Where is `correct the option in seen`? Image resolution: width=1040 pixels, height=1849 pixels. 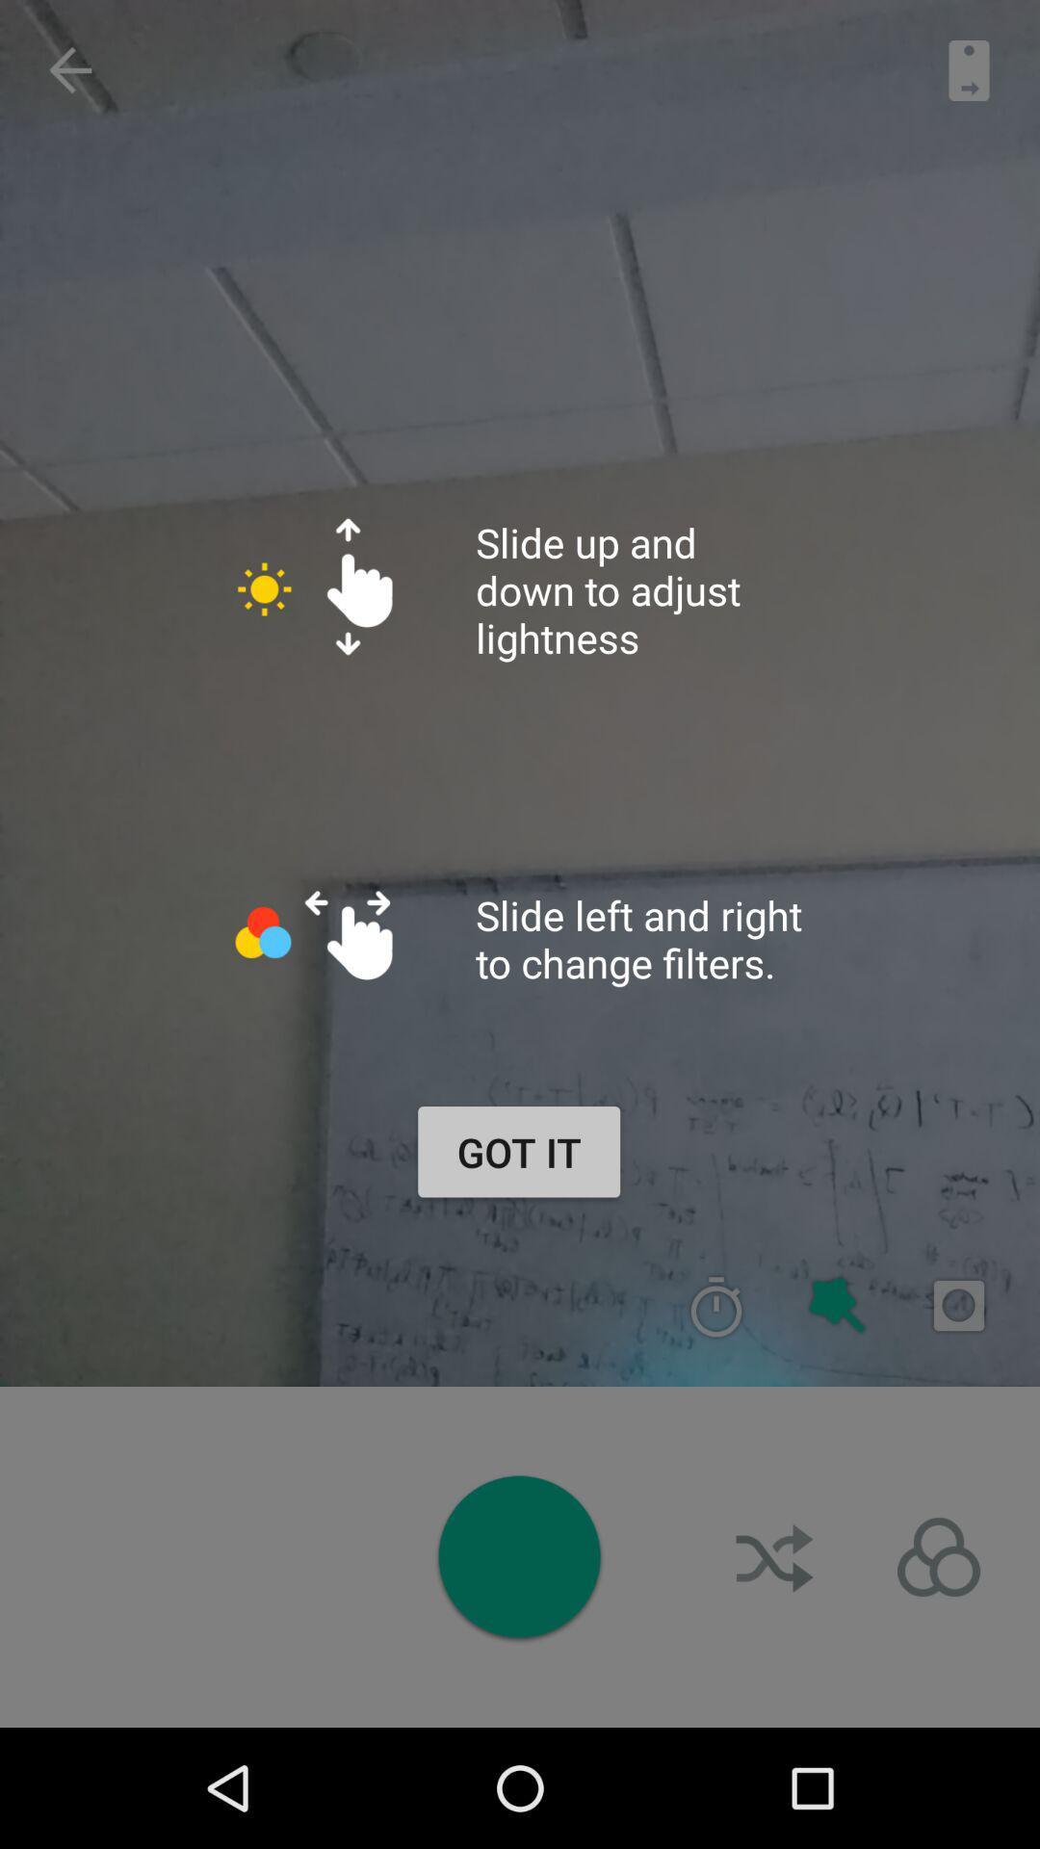 correct the option in seen is located at coordinates (716, 1306).